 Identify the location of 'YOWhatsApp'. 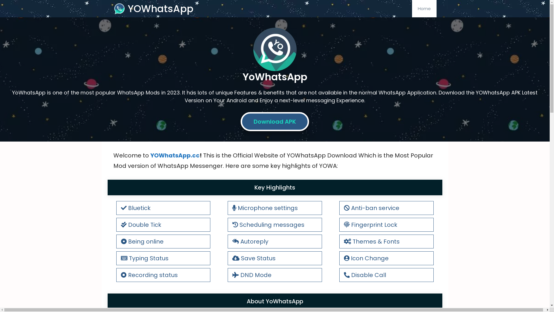
(160, 9).